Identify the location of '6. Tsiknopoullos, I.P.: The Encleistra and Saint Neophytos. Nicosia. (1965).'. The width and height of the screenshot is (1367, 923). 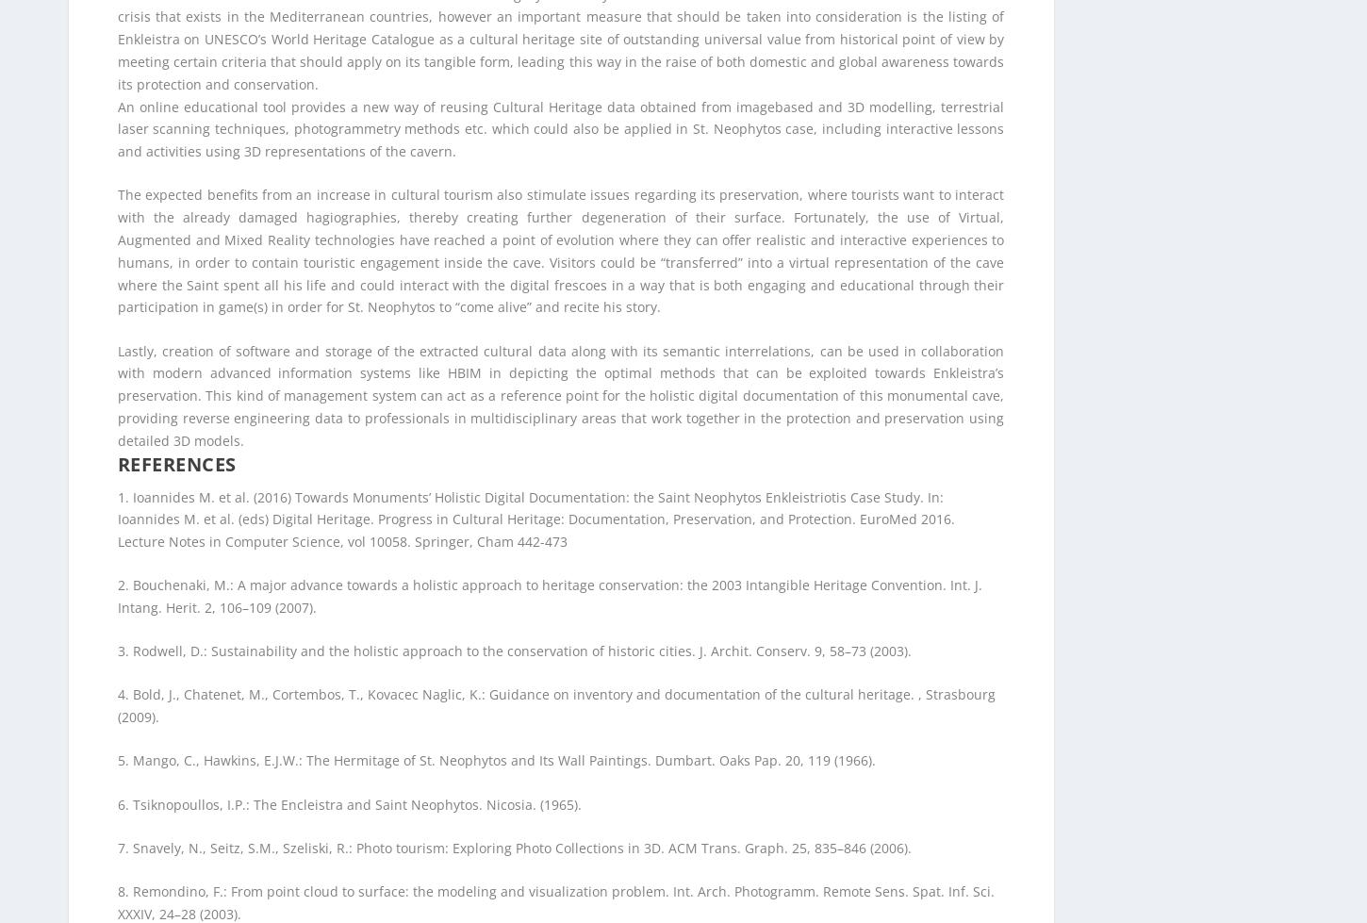
(348, 94).